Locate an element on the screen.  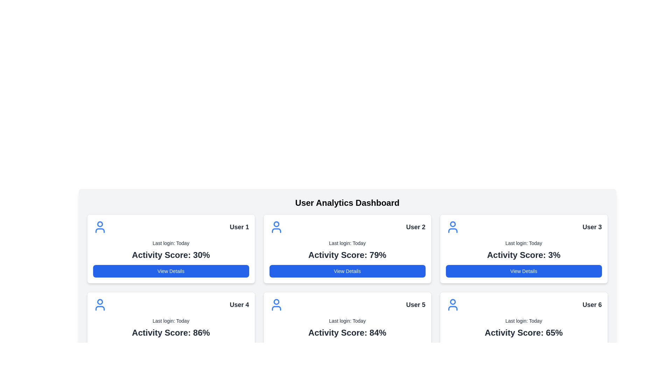
the user profile icon located on the left side of the card labeled 'User 2' in the second position of the top row of the user dashboard is located at coordinates (276, 227).